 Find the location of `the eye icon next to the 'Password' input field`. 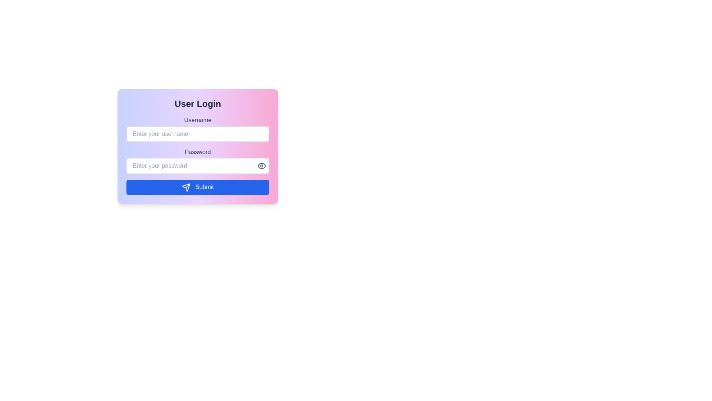

the eye icon next to the 'Password' input field is located at coordinates (198, 160).